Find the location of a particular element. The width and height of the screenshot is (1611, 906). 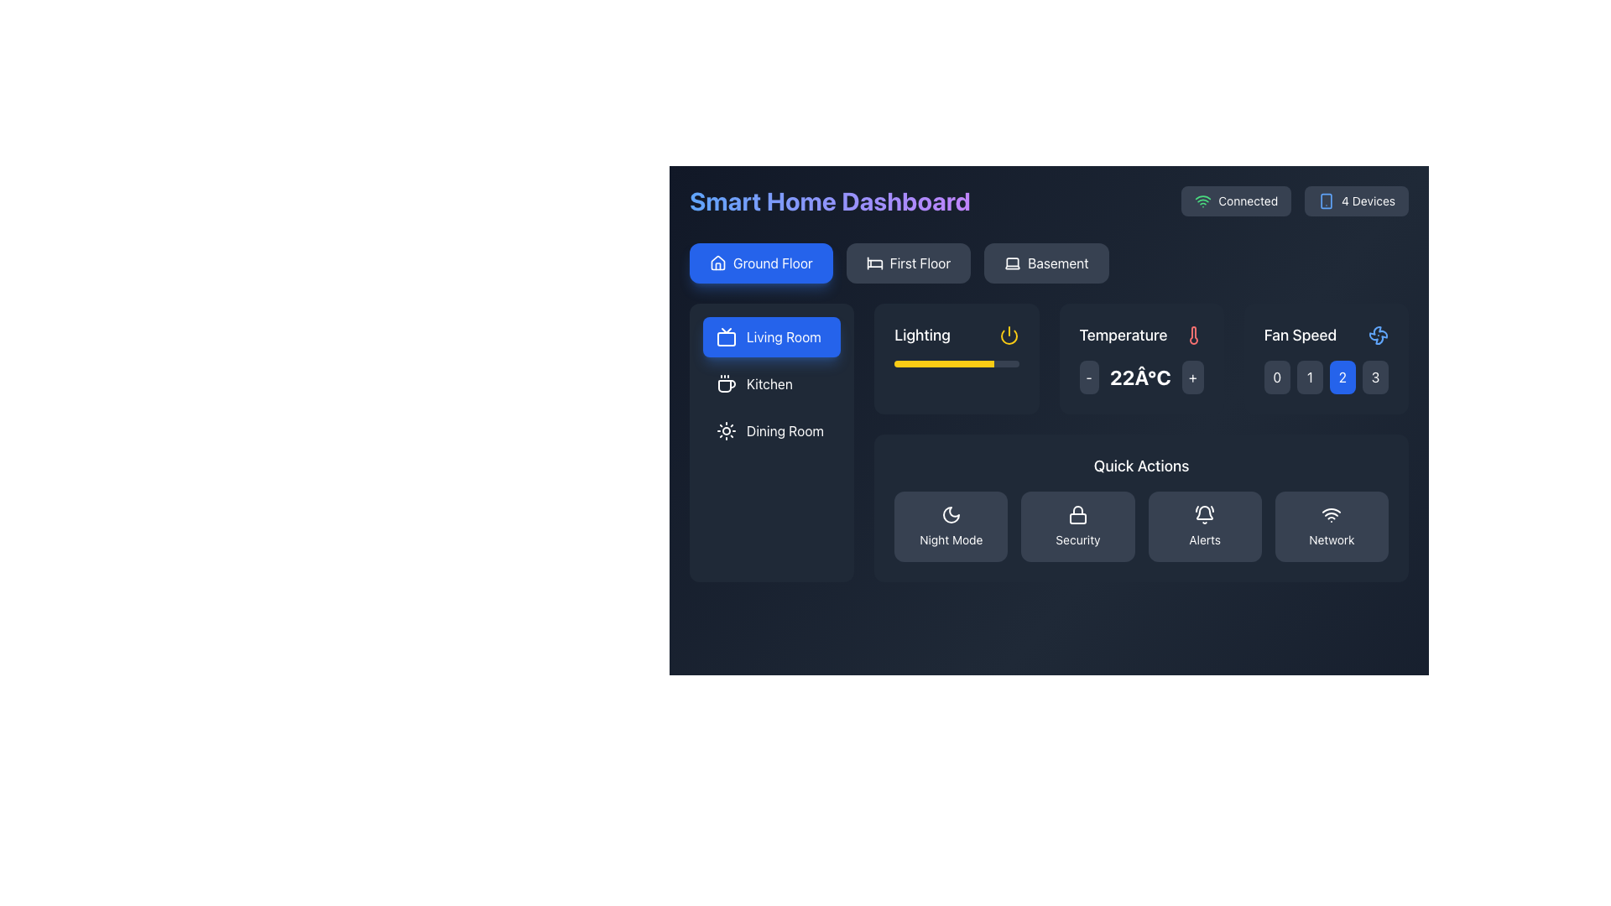

the temperature setting label located centrally between the '-' and '+' buttons in the upper-right quadrant of the main interface is located at coordinates (1140, 377).